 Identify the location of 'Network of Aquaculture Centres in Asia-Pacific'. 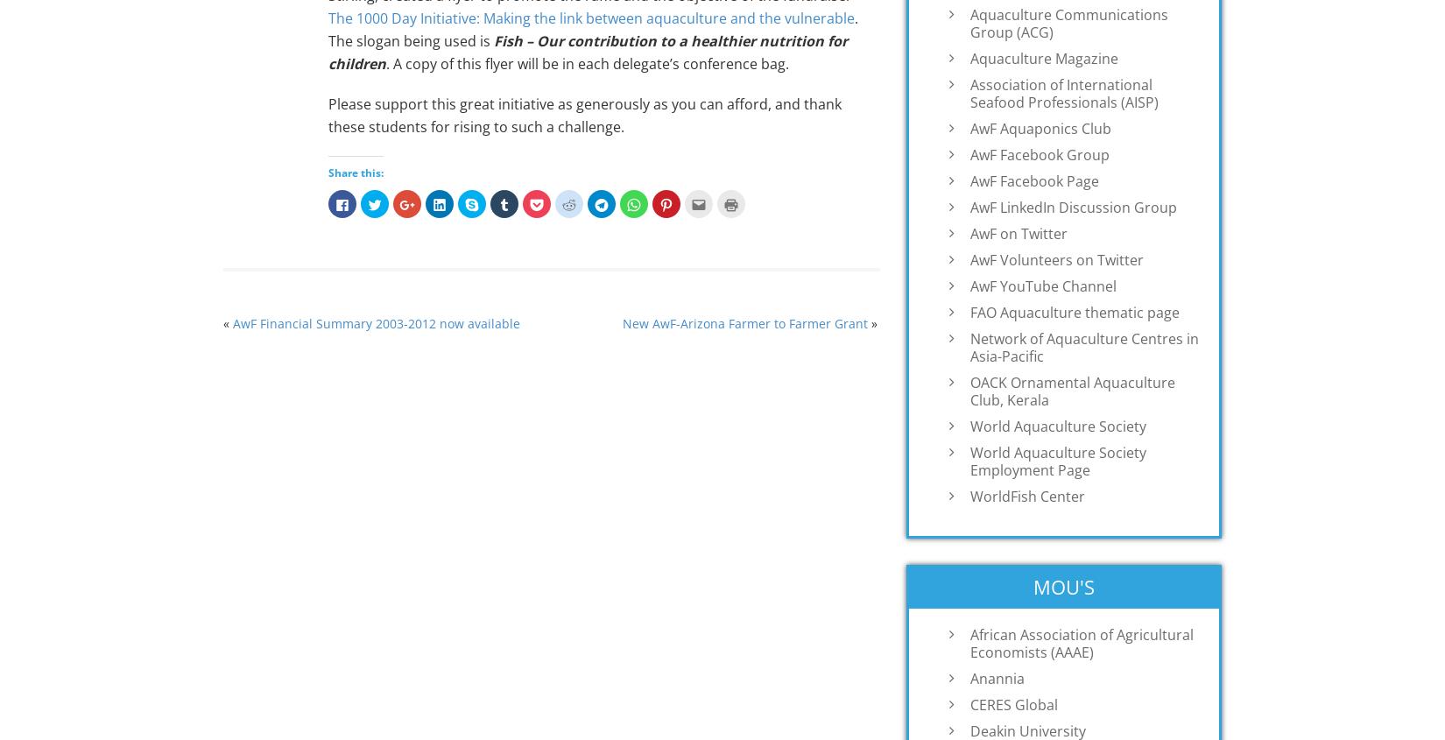
(1084, 345).